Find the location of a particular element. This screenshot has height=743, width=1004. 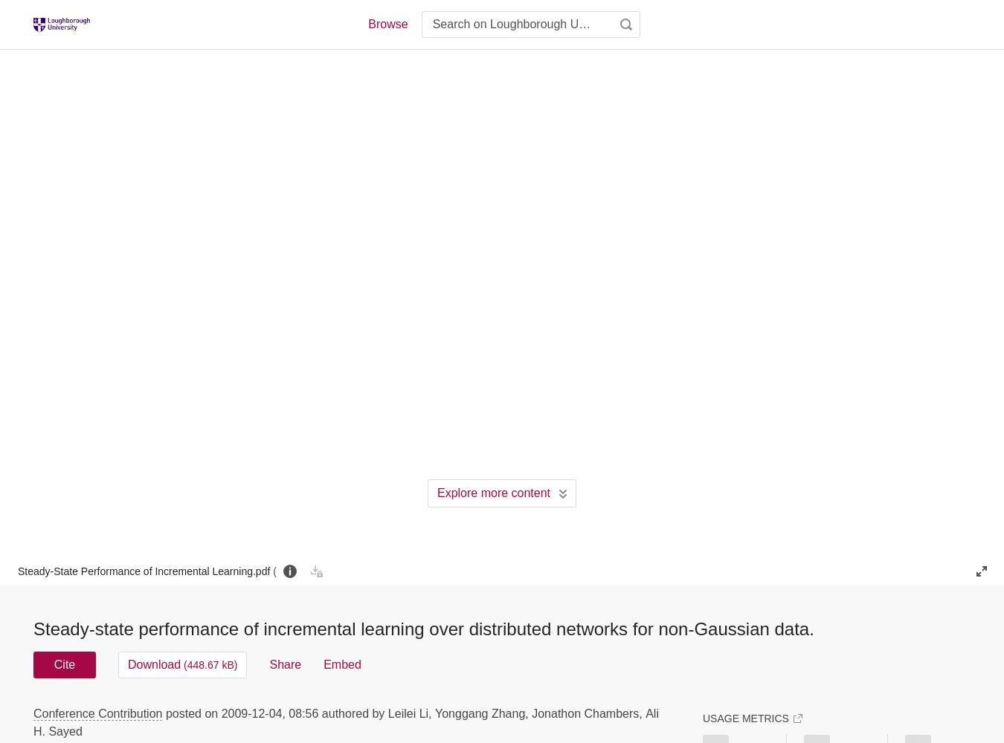

'posted on' is located at coordinates (164, 712).